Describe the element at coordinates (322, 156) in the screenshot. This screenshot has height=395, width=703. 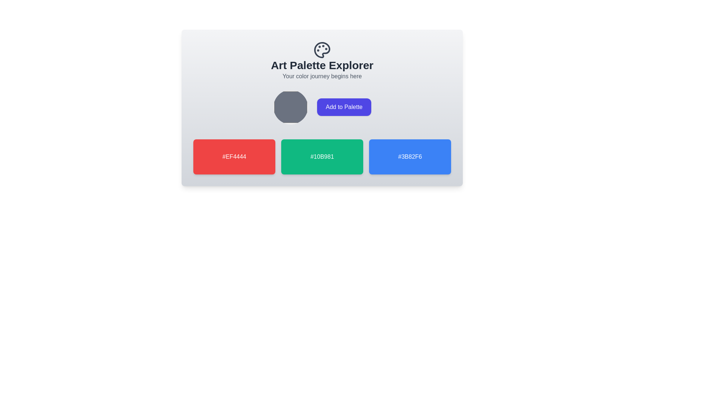
I see `the text label '#10B981' embedded within the green button, which is centrally placed and styled with a bold font in white color` at that location.